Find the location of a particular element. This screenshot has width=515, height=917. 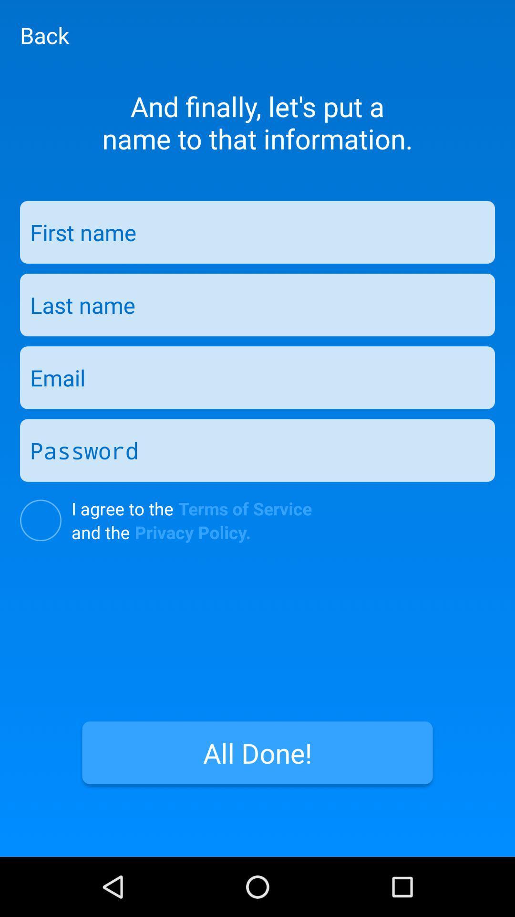

type password is located at coordinates (257, 450).